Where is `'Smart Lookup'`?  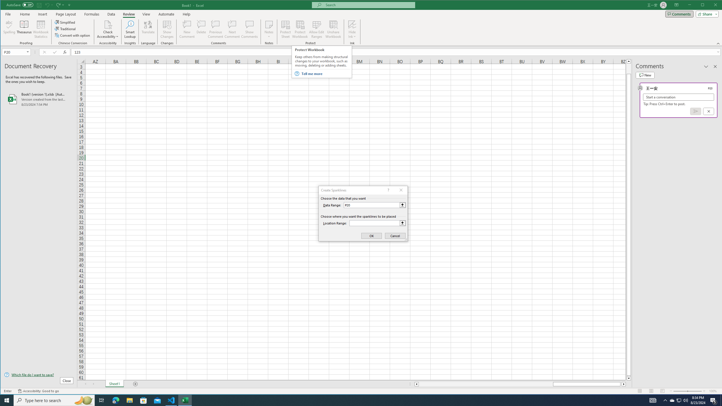
'Smart Lookup' is located at coordinates (130, 29).